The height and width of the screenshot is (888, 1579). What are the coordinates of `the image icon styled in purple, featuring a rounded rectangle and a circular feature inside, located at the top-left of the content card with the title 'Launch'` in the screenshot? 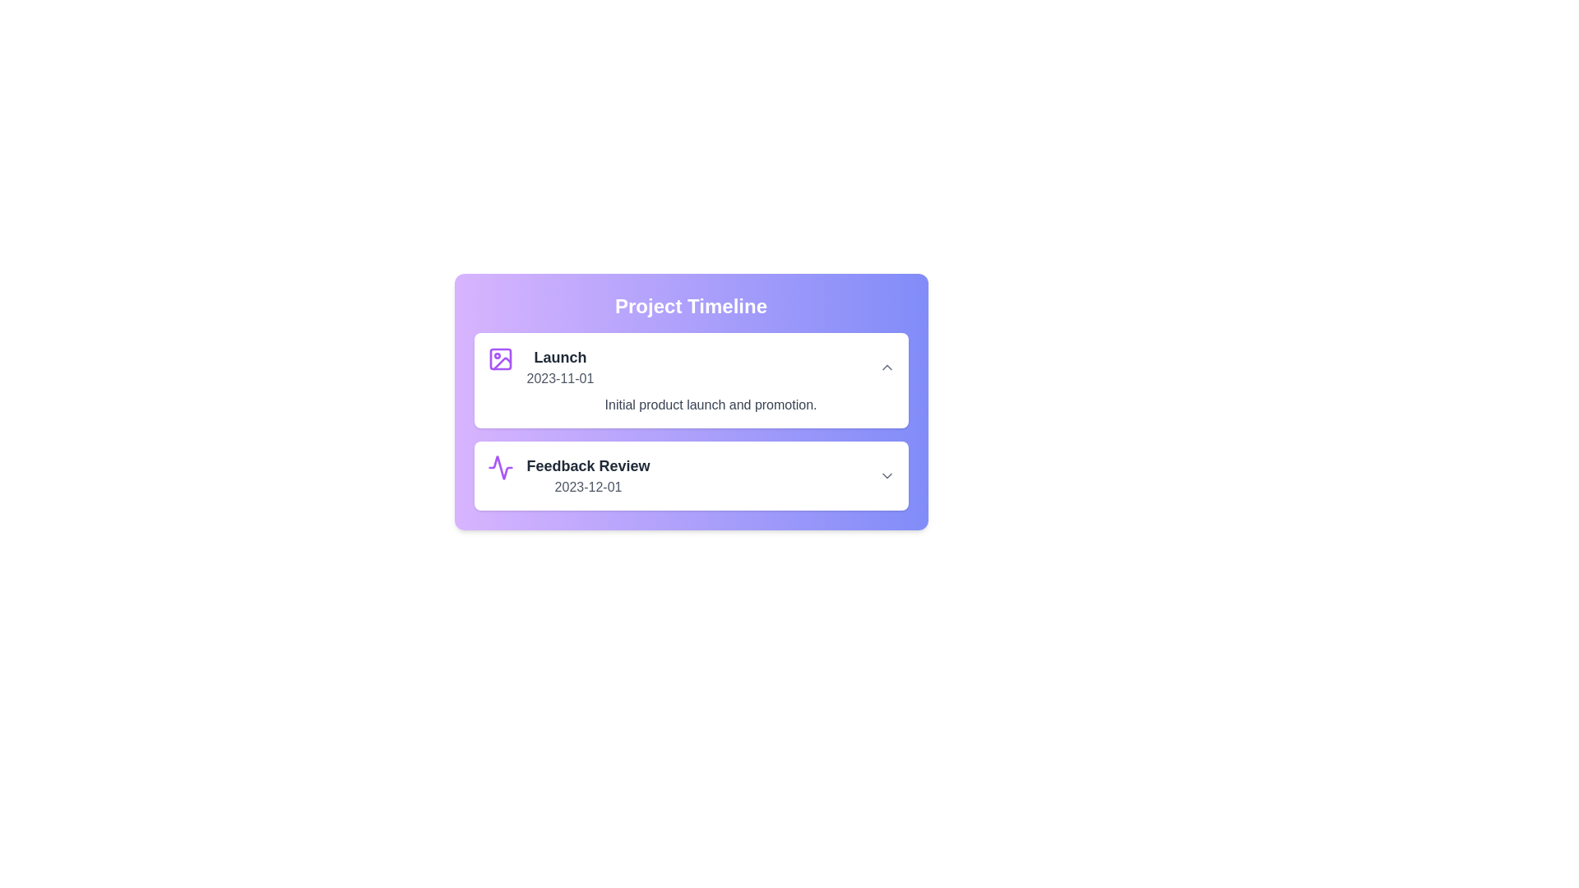 It's located at (499, 358).